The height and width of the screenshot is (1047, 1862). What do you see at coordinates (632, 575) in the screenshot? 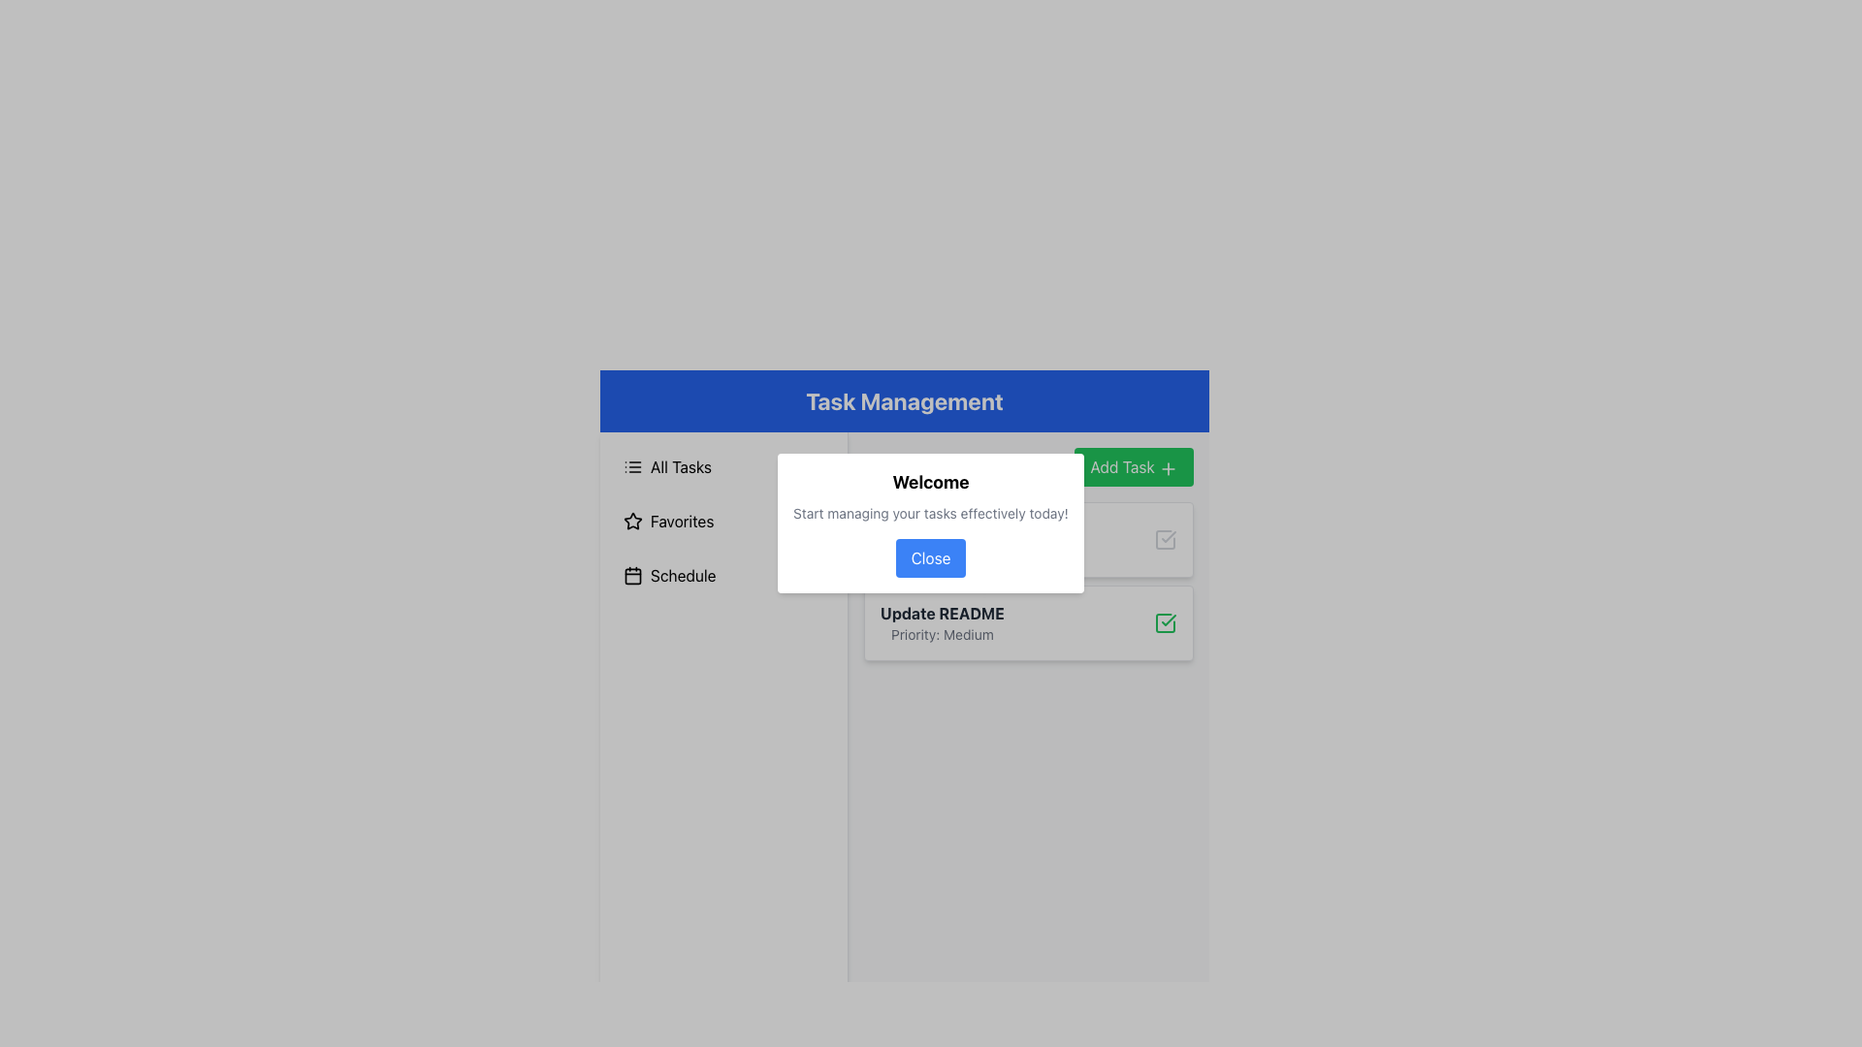
I see `the 'Schedule' icon in the sidebar menu, which is positioned third in the vertical list of items and visually represents the scheduling option` at bounding box center [632, 575].